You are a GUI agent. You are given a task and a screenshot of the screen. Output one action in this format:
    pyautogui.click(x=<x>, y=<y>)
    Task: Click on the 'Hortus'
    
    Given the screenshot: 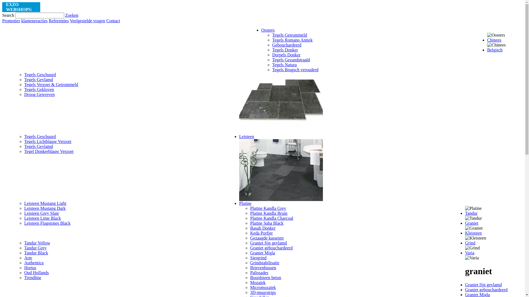 What is the action you would take?
    pyautogui.click(x=30, y=267)
    